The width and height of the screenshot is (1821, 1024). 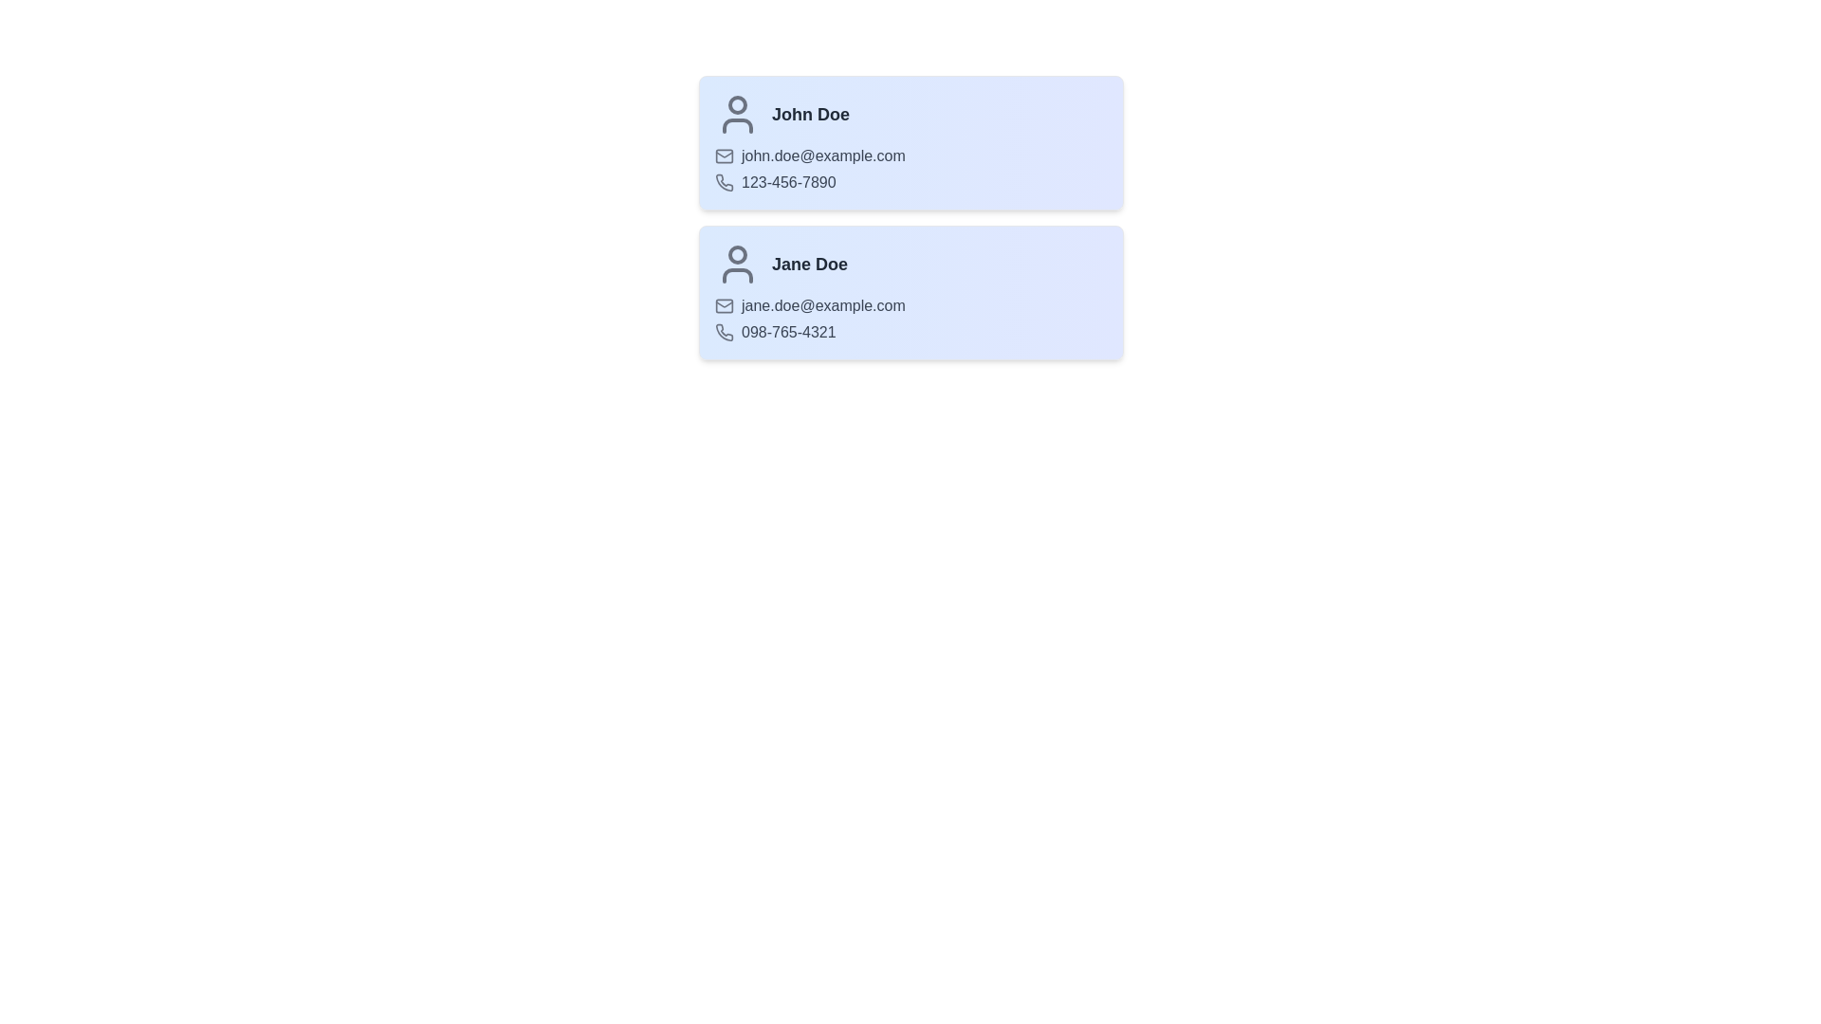 What do you see at coordinates (723, 305) in the screenshot?
I see `the email icon for Jane Doe` at bounding box center [723, 305].